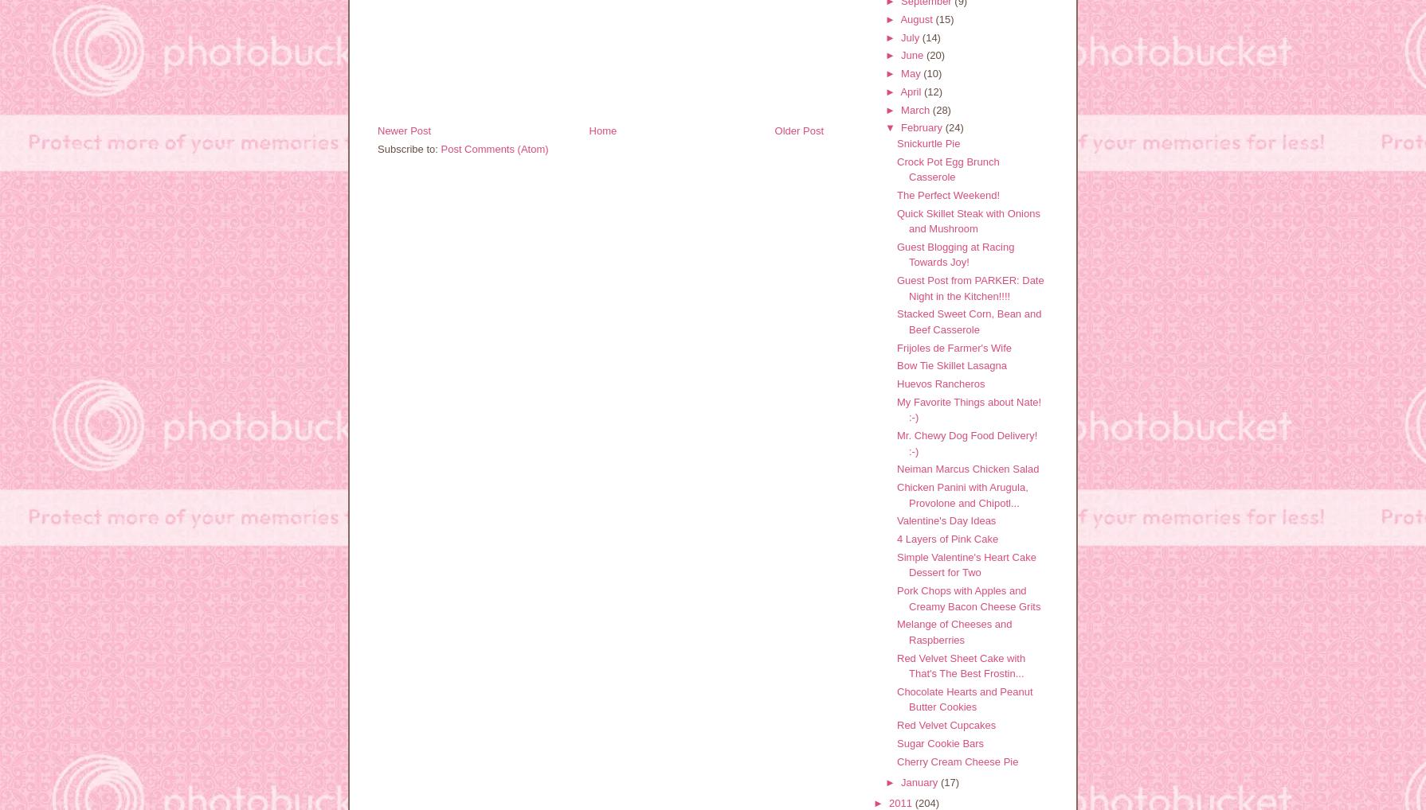 Image resolution: width=1426 pixels, height=810 pixels. Describe the element at coordinates (897, 193) in the screenshot. I see `'The Perfect Weekend!'` at that location.